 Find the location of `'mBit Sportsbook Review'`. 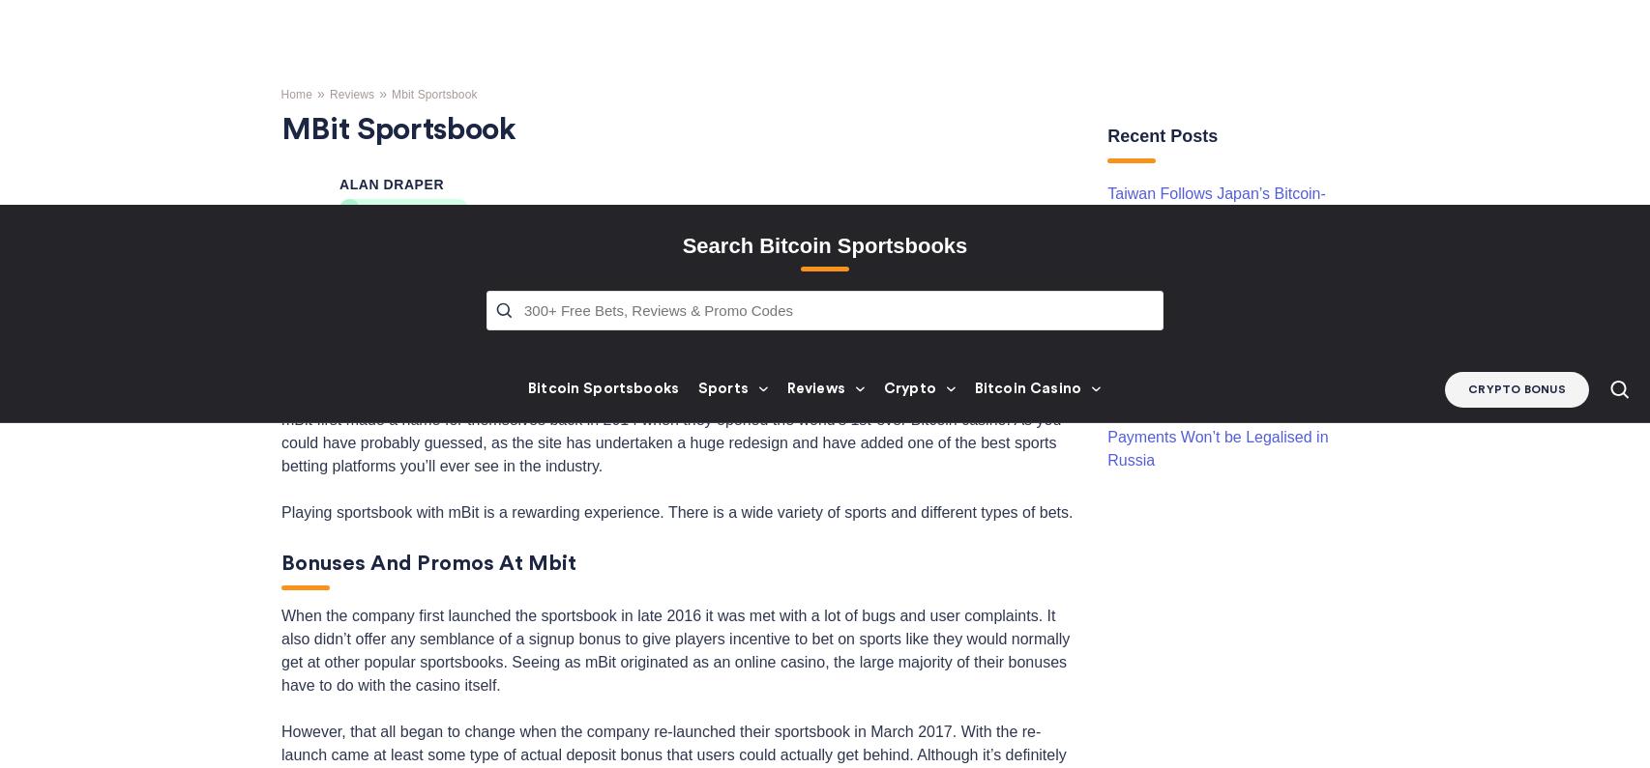

'mBit Sportsbook Review' is located at coordinates (404, 11).